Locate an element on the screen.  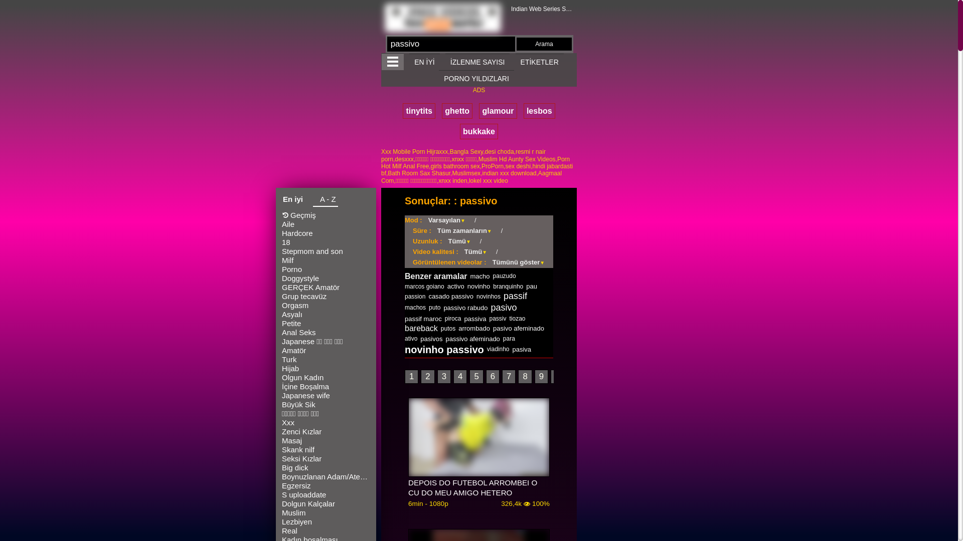
'Skank nilf' is located at coordinates (326, 449).